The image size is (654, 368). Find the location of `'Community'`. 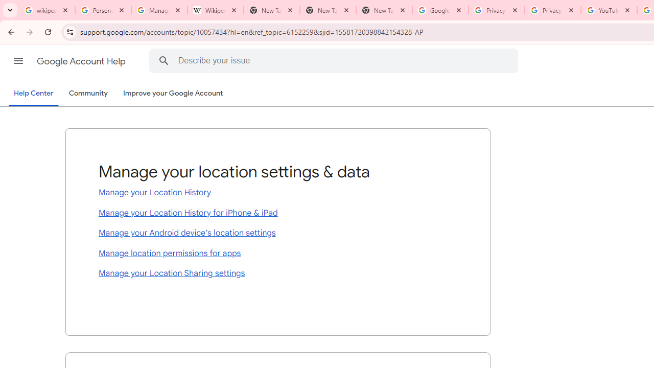

'Community' is located at coordinates (88, 94).